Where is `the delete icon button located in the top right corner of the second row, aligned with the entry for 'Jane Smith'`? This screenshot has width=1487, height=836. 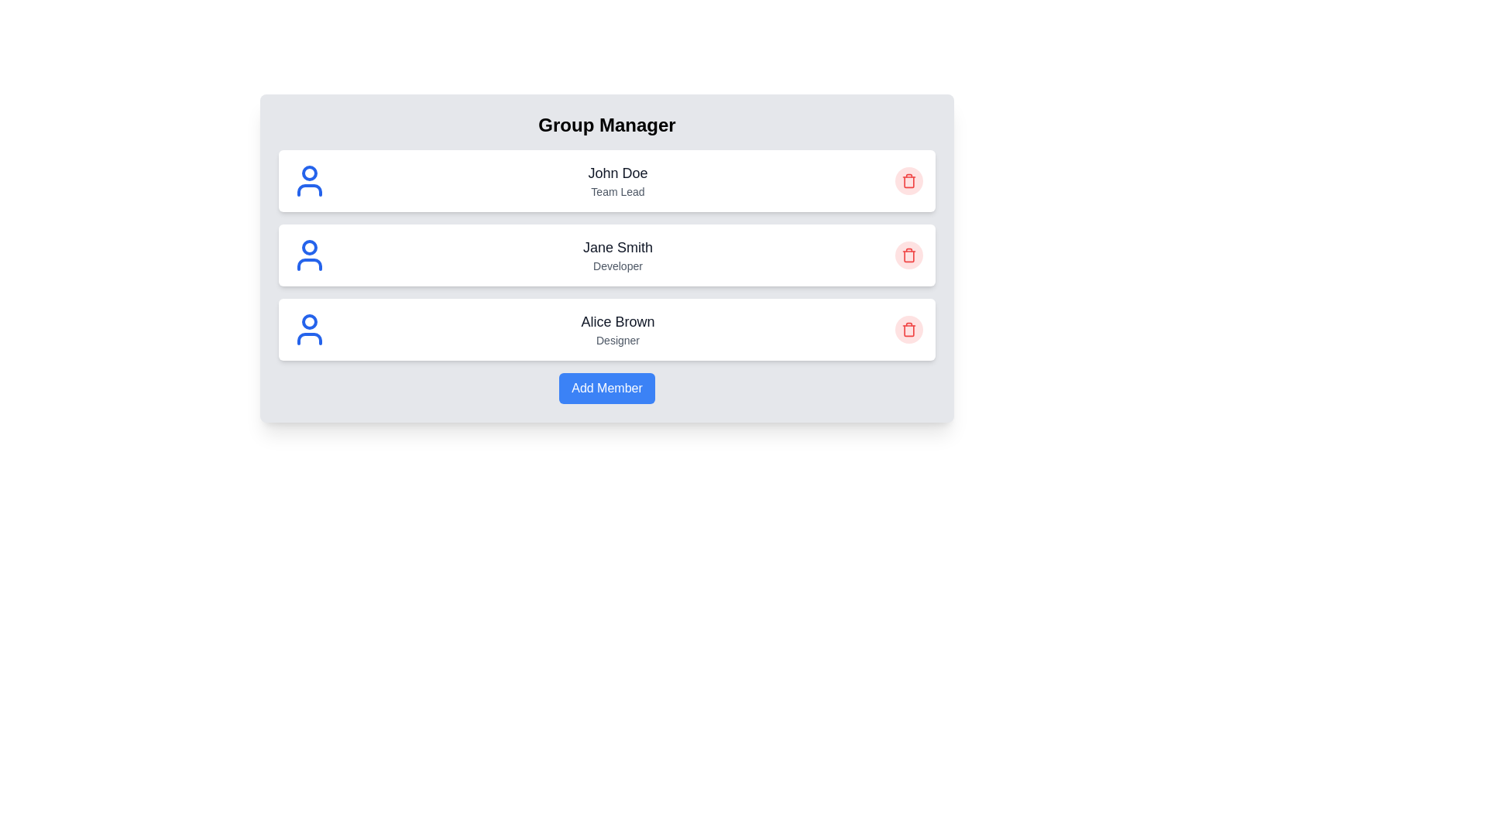 the delete icon button located in the top right corner of the second row, aligned with the entry for 'Jane Smith' is located at coordinates (909, 328).